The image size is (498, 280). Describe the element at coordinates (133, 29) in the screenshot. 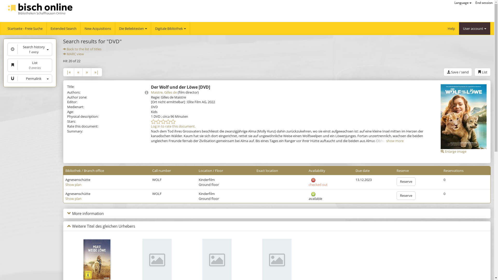

I see `'Die Beliebtesten'` at that location.